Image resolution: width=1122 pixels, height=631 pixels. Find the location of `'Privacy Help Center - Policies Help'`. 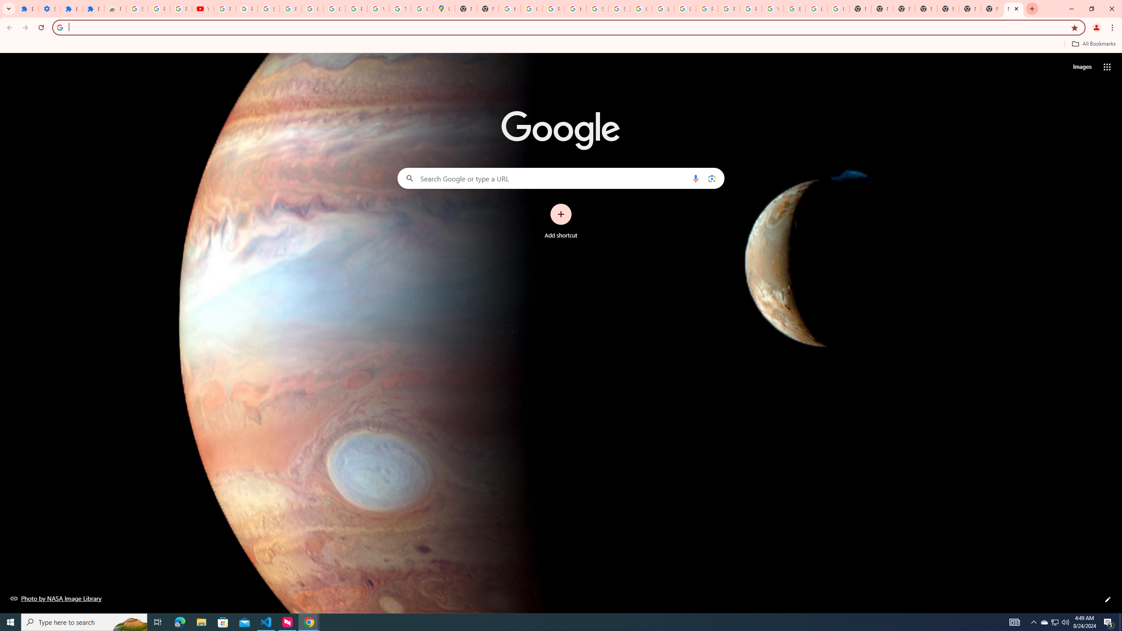

'Privacy Help Center - Policies Help' is located at coordinates (706, 8).